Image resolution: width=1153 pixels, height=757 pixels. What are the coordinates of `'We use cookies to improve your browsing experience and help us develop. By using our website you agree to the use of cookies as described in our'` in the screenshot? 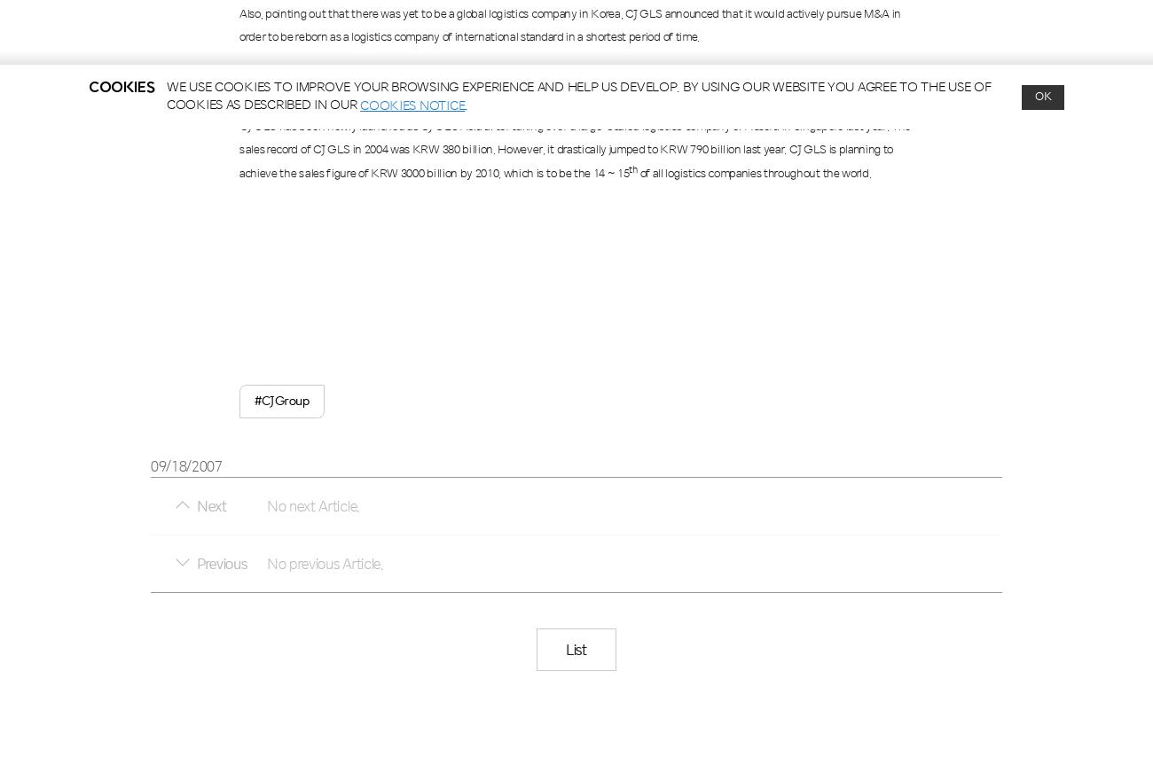 It's located at (577, 96).